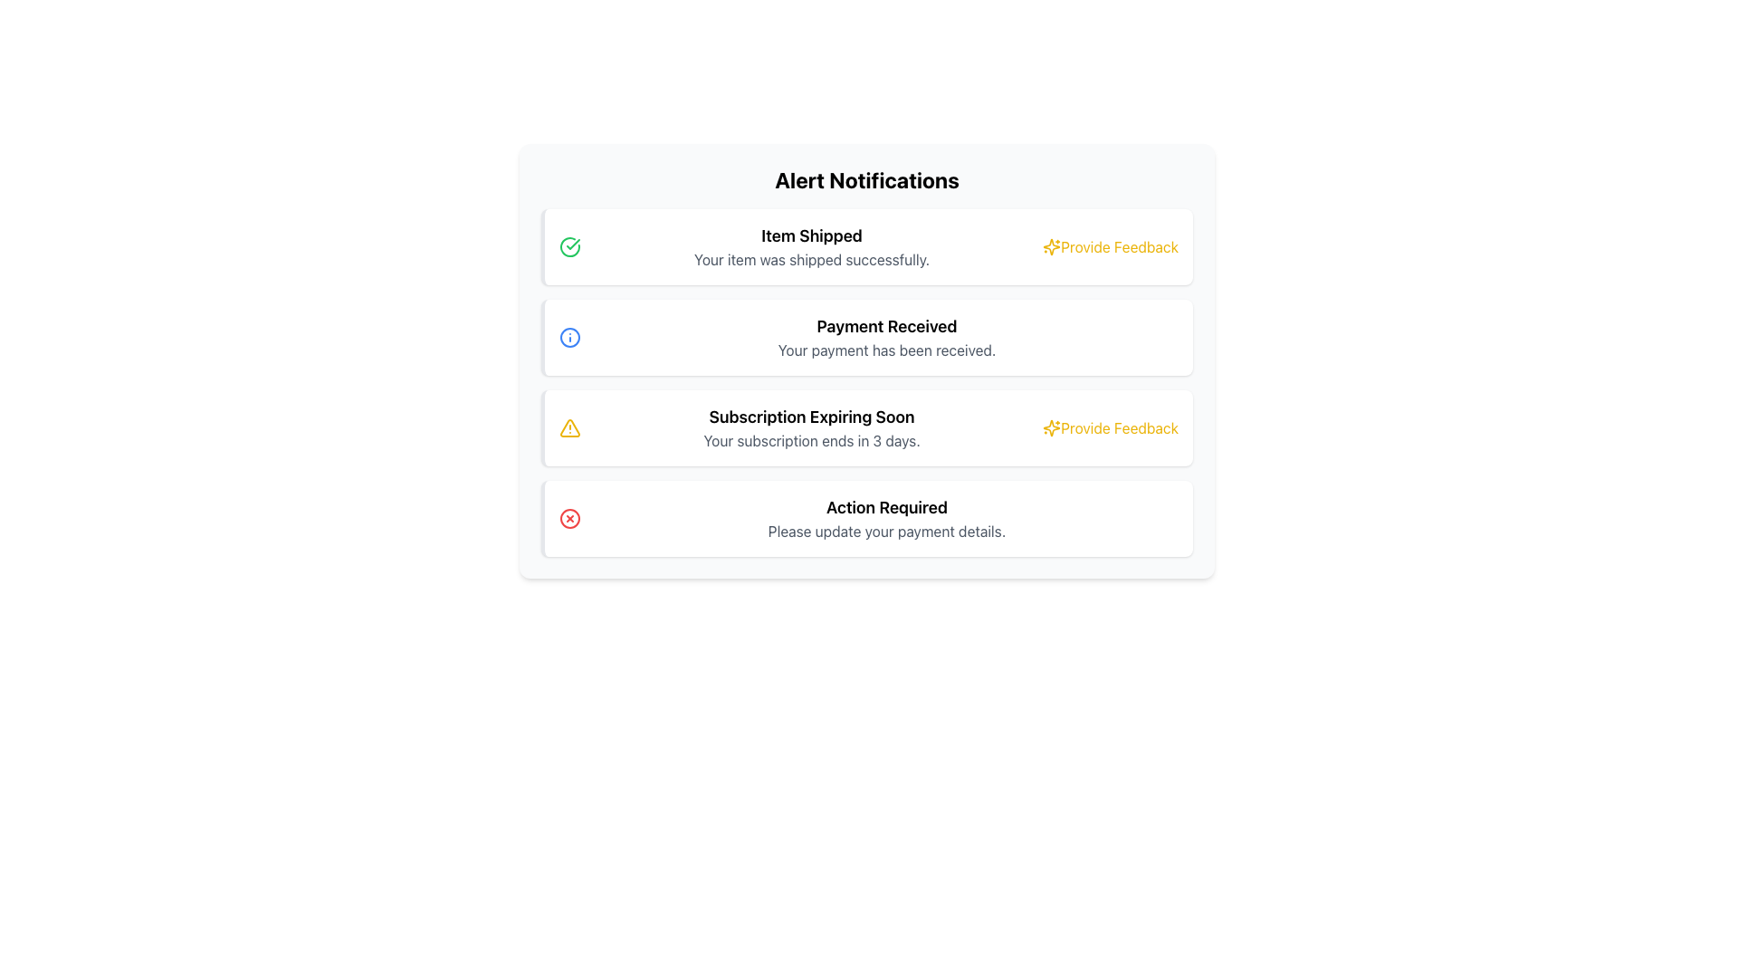 The height and width of the screenshot is (978, 1738). I want to click on the Notification Card displaying 'Subscription Expiring Soon' with a warning icon, located in the vertical list of alerts, so click(866, 428).